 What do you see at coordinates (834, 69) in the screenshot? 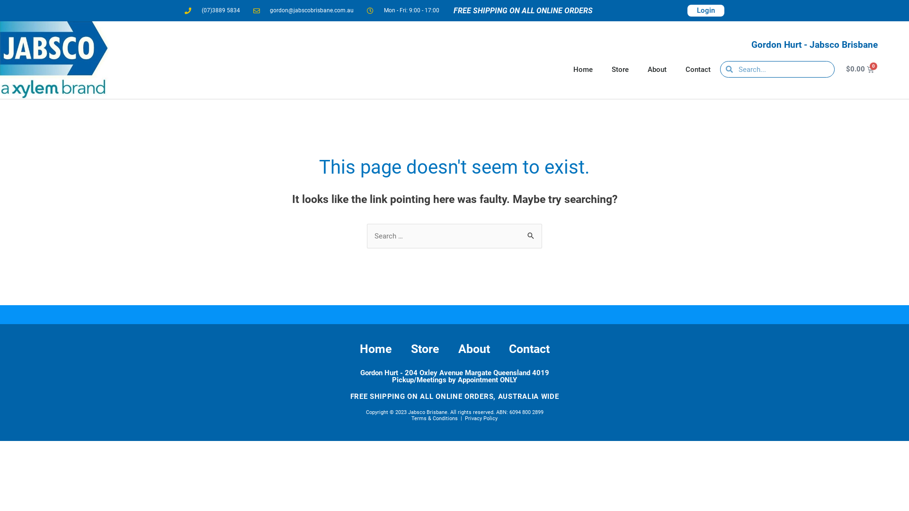
I see `'$0.00` at bounding box center [834, 69].